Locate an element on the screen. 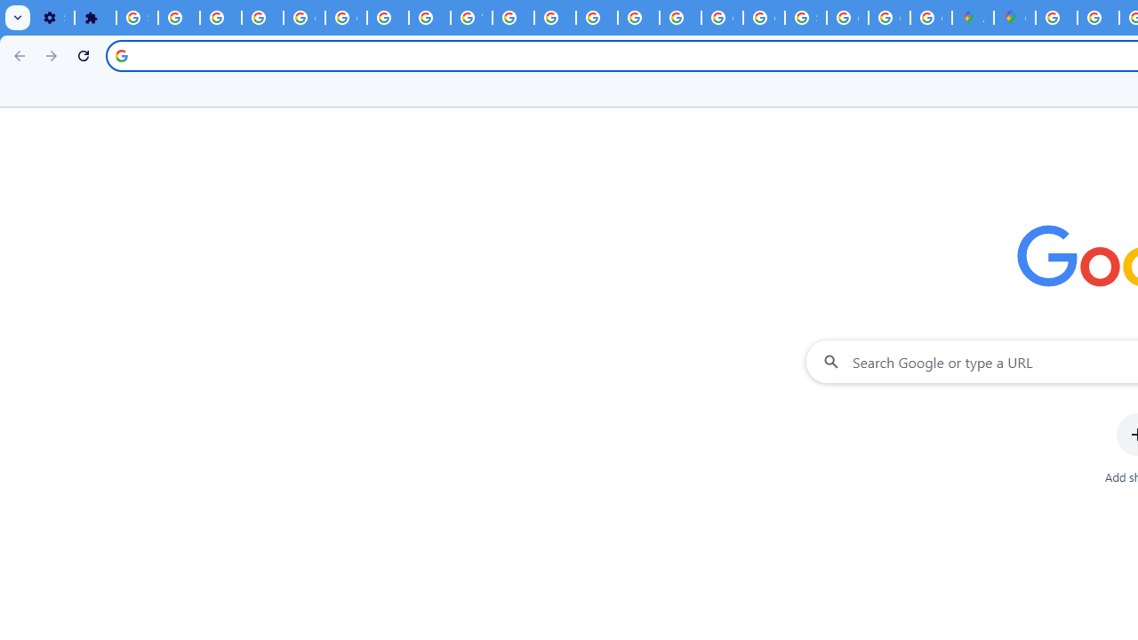 Image resolution: width=1138 pixels, height=640 pixels. 'Settings - On startup' is located at coordinates (53, 18).